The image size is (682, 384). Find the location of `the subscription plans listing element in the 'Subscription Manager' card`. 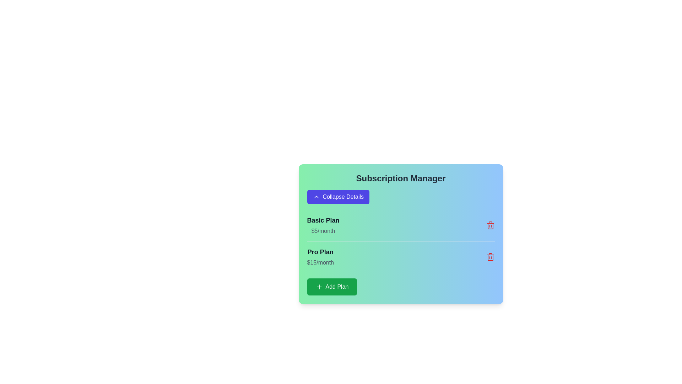

the subscription plans listing element in the 'Subscription Manager' card is located at coordinates (401, 252).